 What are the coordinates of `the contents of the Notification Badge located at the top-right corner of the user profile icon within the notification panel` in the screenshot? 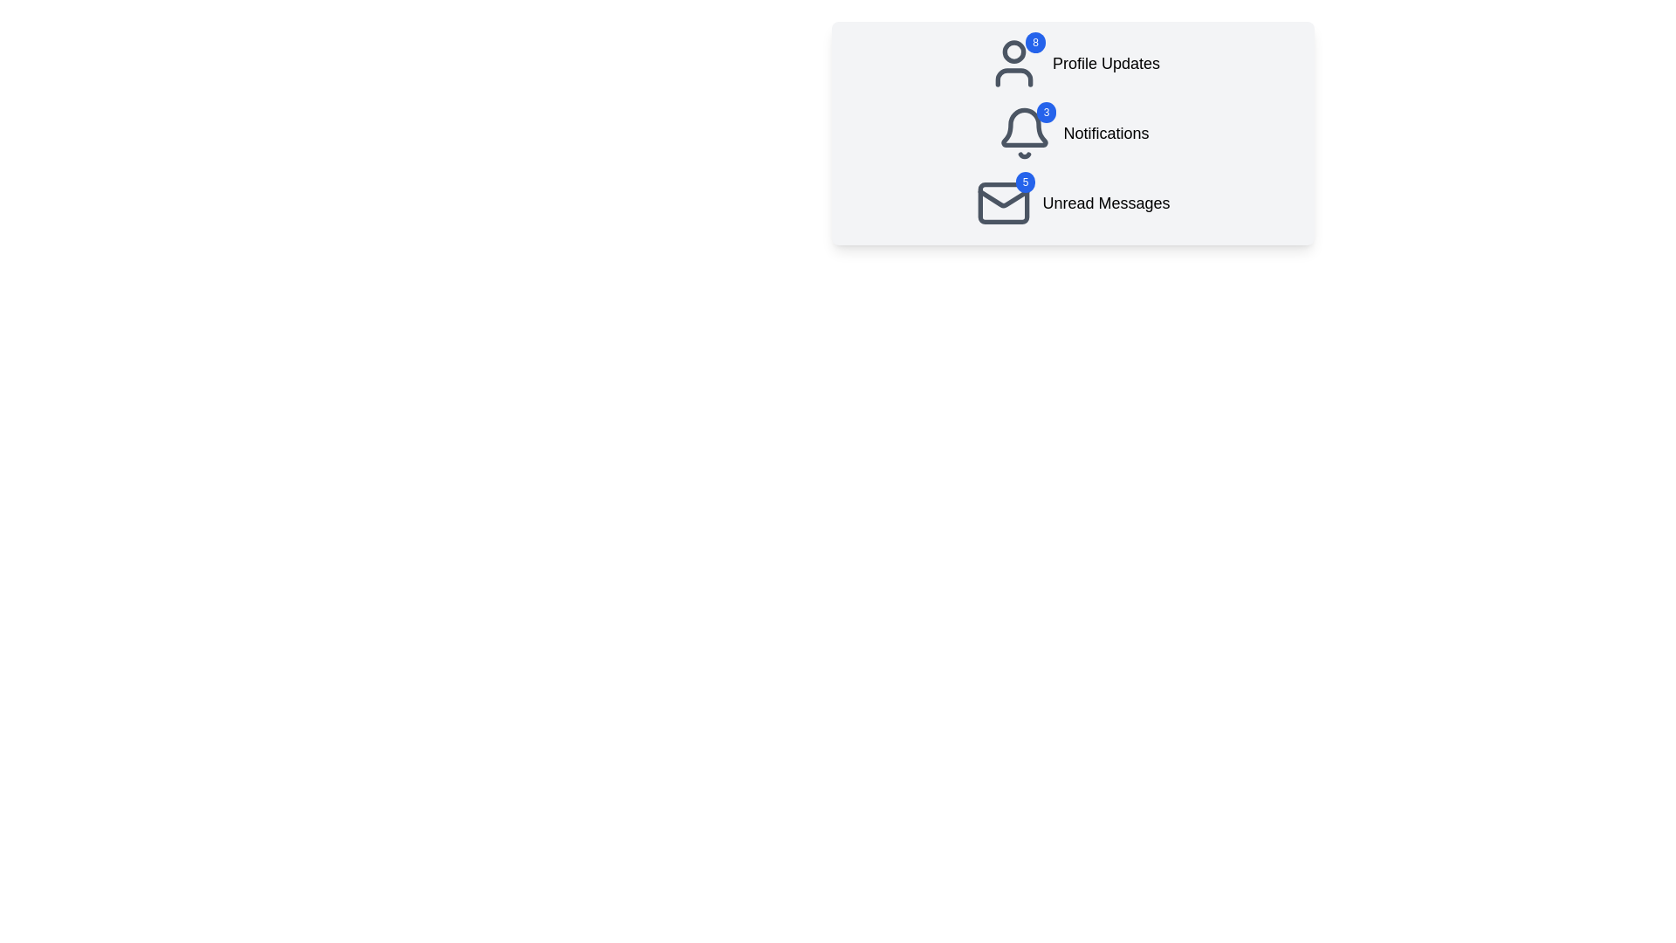 It's located at (1035, 42).